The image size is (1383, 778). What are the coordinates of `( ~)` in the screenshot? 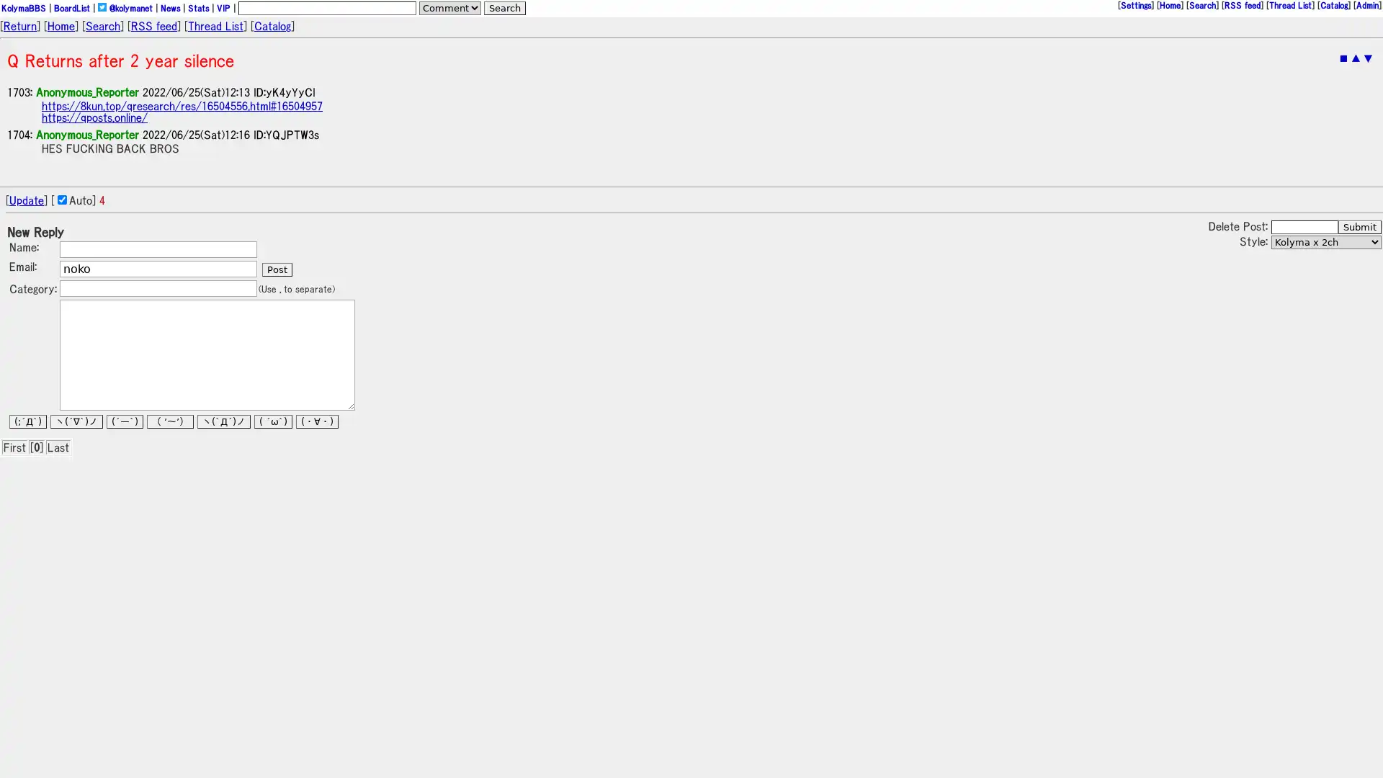 It's located at (170, 421).